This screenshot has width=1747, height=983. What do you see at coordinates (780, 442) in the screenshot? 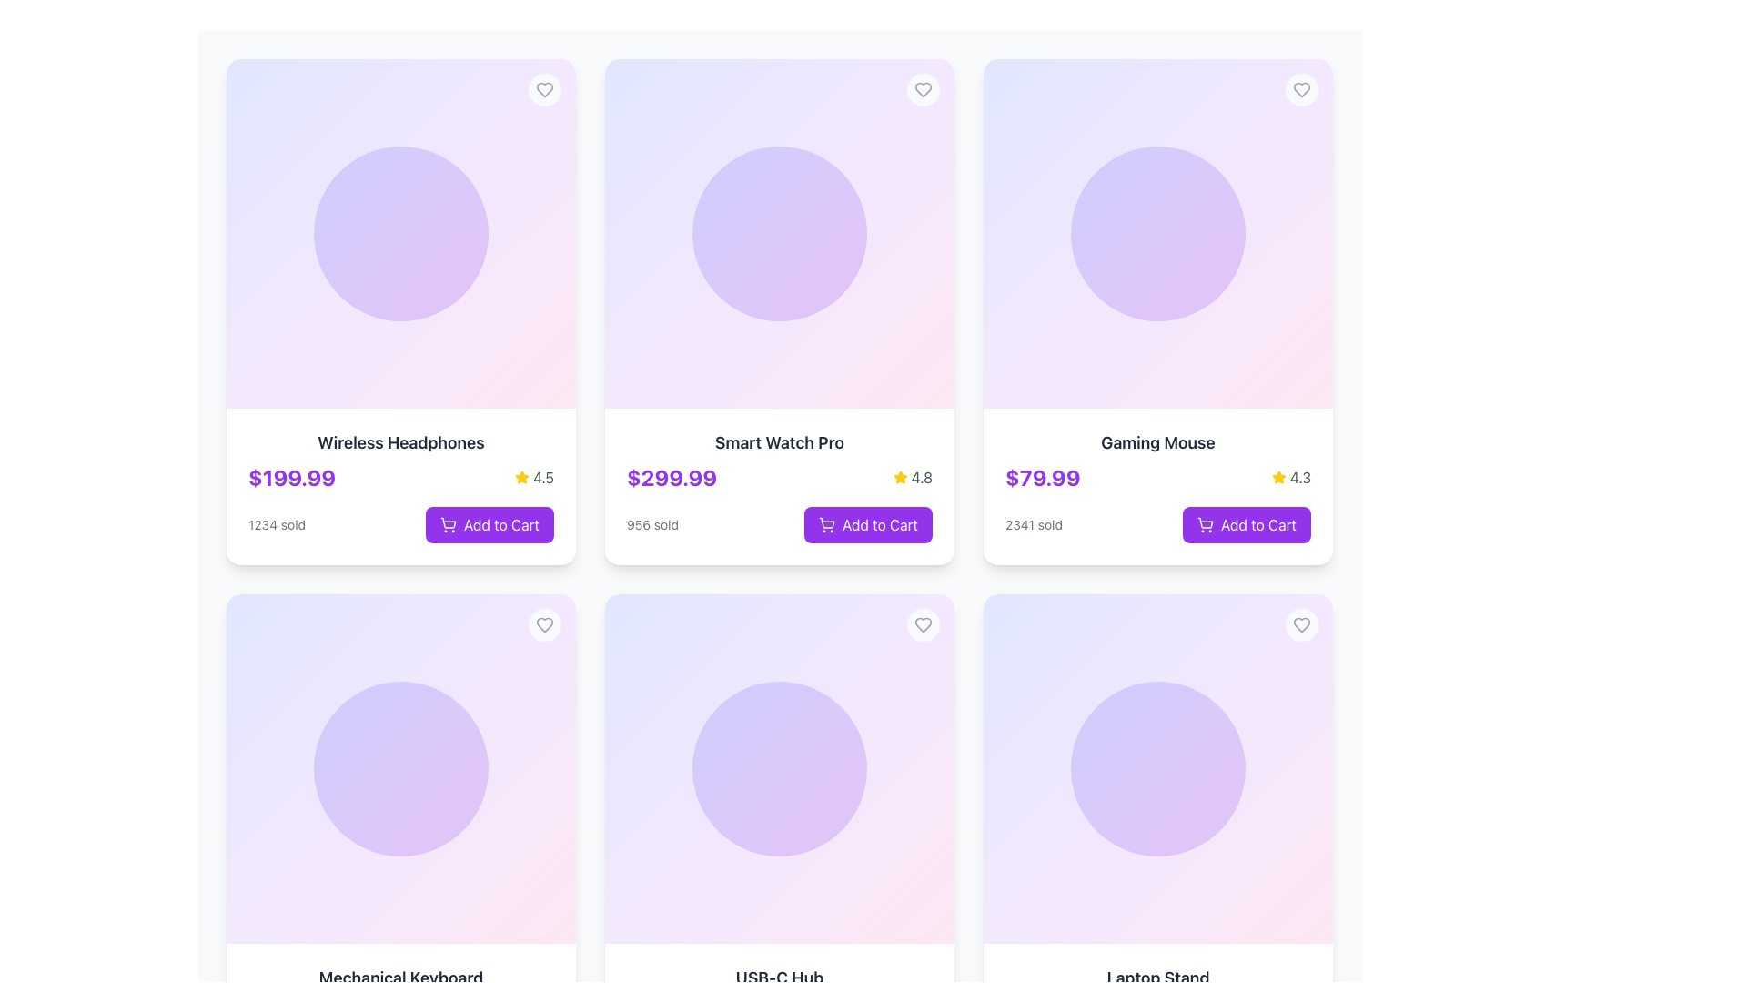
I see `the text label that identifies the product name, located in the second product card from the left in the top row, centered above the price section` at bounding box center [780, 442].